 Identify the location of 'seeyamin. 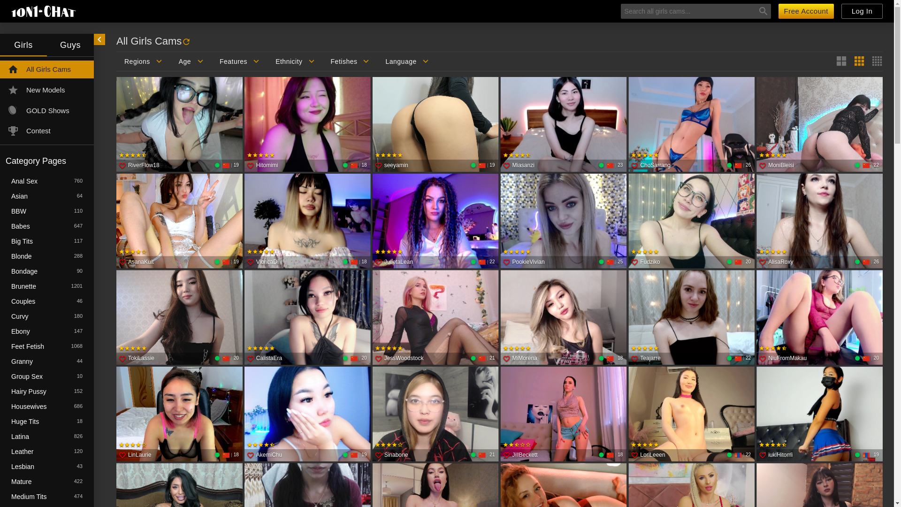
(435, 124).